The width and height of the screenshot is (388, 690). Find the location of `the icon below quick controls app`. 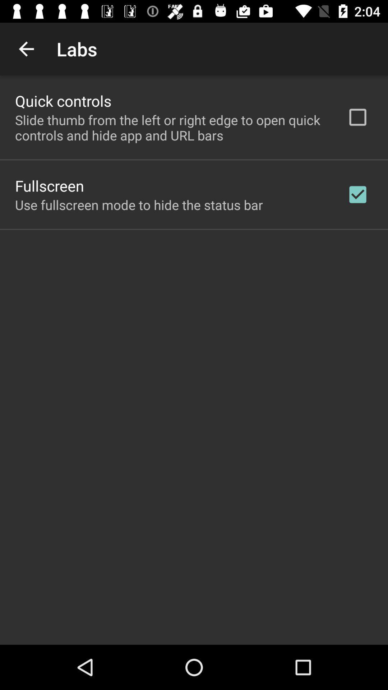

the icon below quick controls app is located at coordinates (171, 128).